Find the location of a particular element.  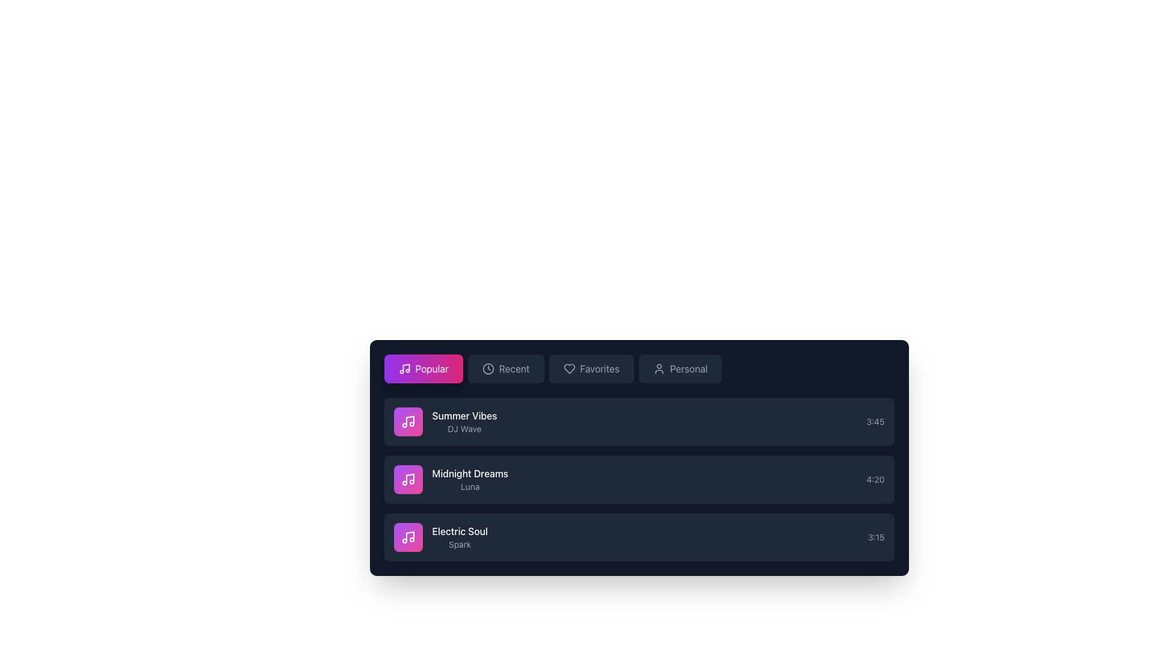

the third button in the navigation bar, which filters or displays the user's favorite items is located at coordinates (591, 368).